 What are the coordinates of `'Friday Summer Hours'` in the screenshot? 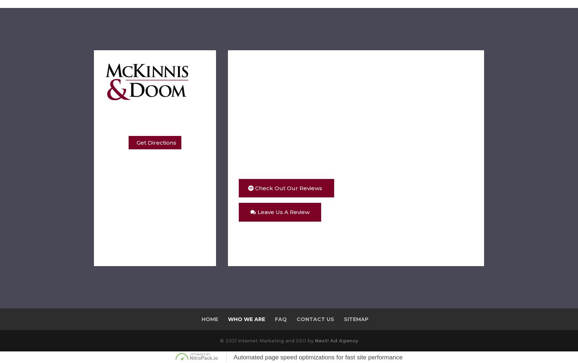 It's located at (152, 196).